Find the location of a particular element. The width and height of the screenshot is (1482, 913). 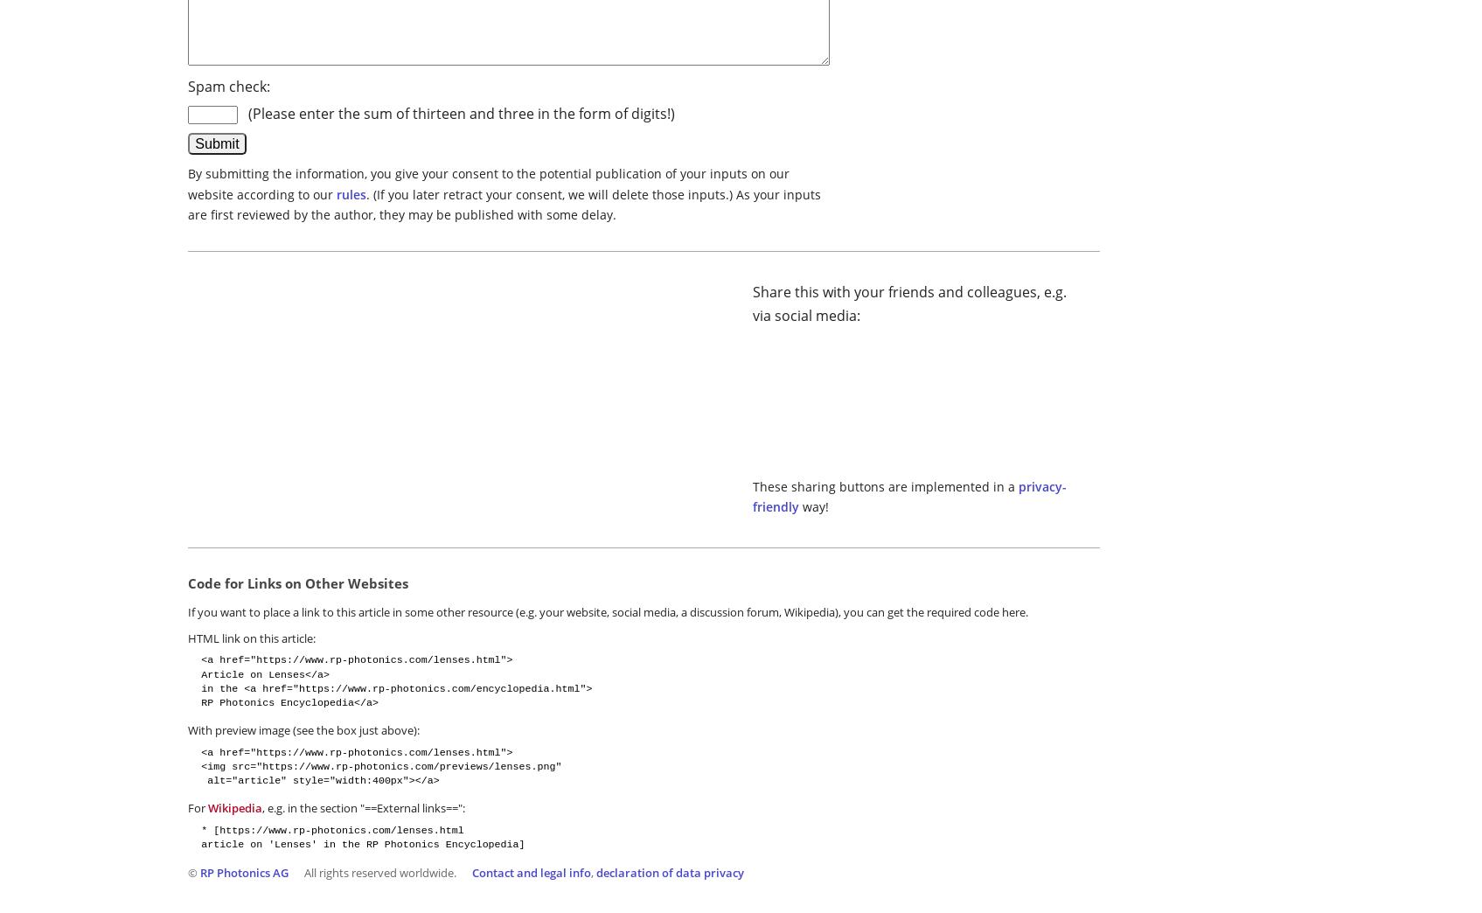

'Spam check:' is located at coordinates (229, 86).